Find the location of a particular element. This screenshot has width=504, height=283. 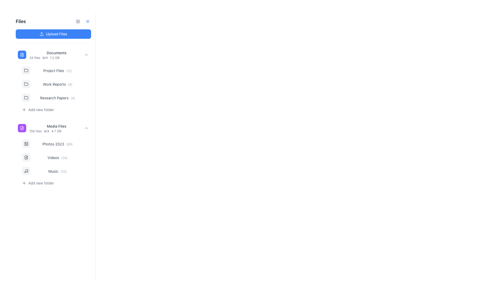

the 'Project Files' text label located on the left-side panel under the 'Documents' section, which displays a count of '(12)' is located at coordinates (54, 70).